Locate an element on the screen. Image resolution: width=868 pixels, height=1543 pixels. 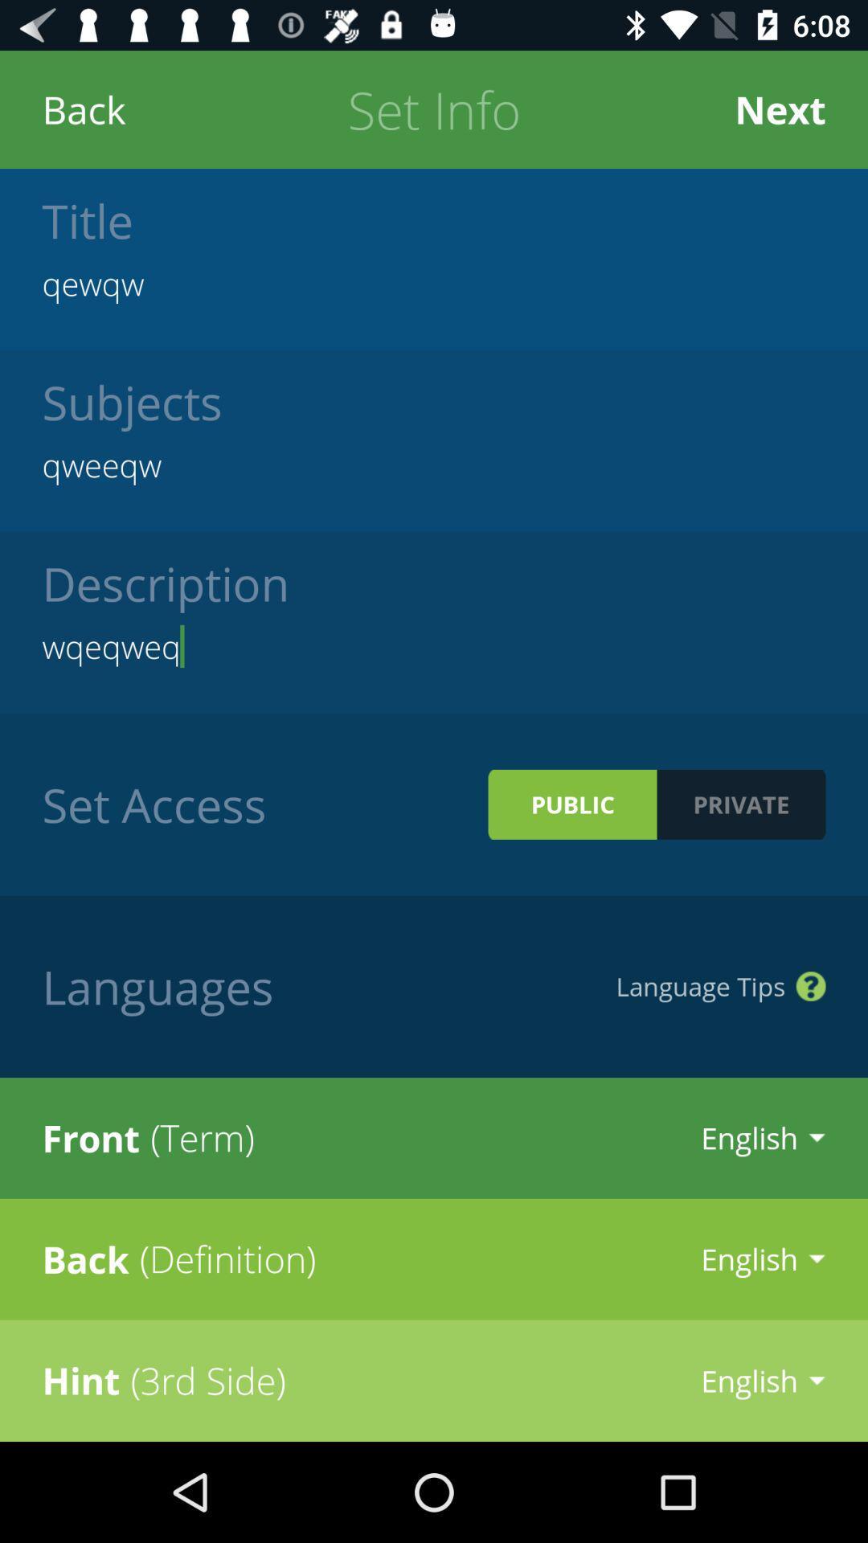
the item below the wqeqweq is located at coordinates (741, 804).